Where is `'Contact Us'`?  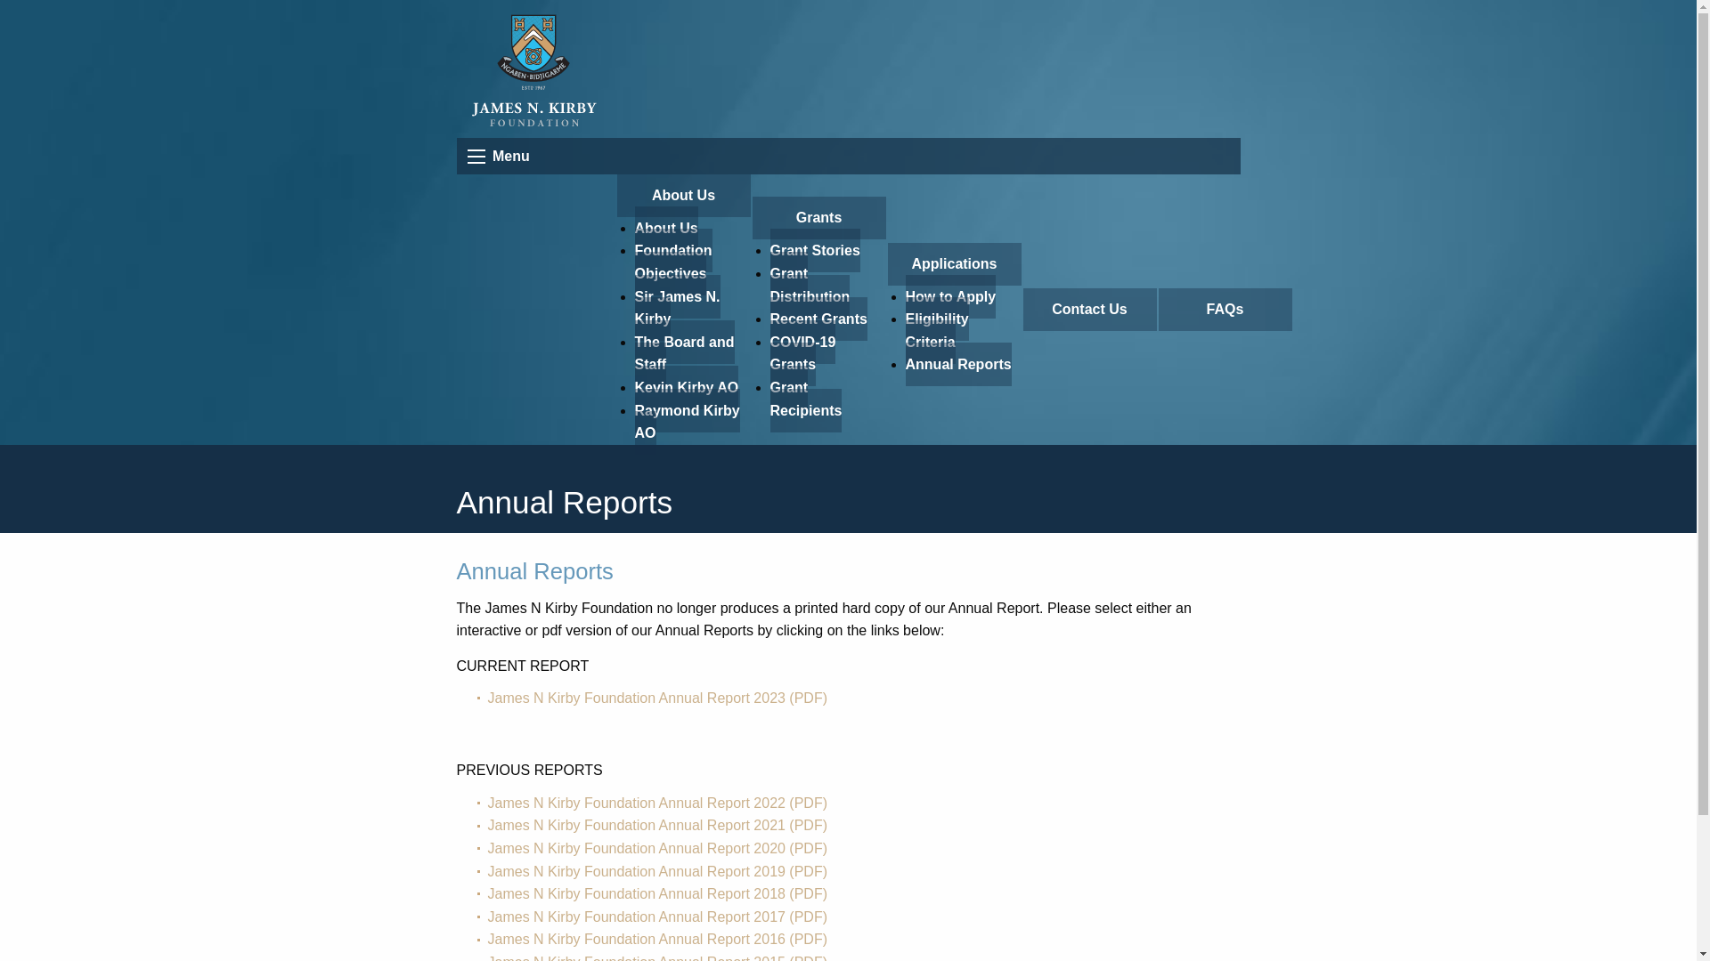 'Contact Us' is located at coordinates (1088, 308).